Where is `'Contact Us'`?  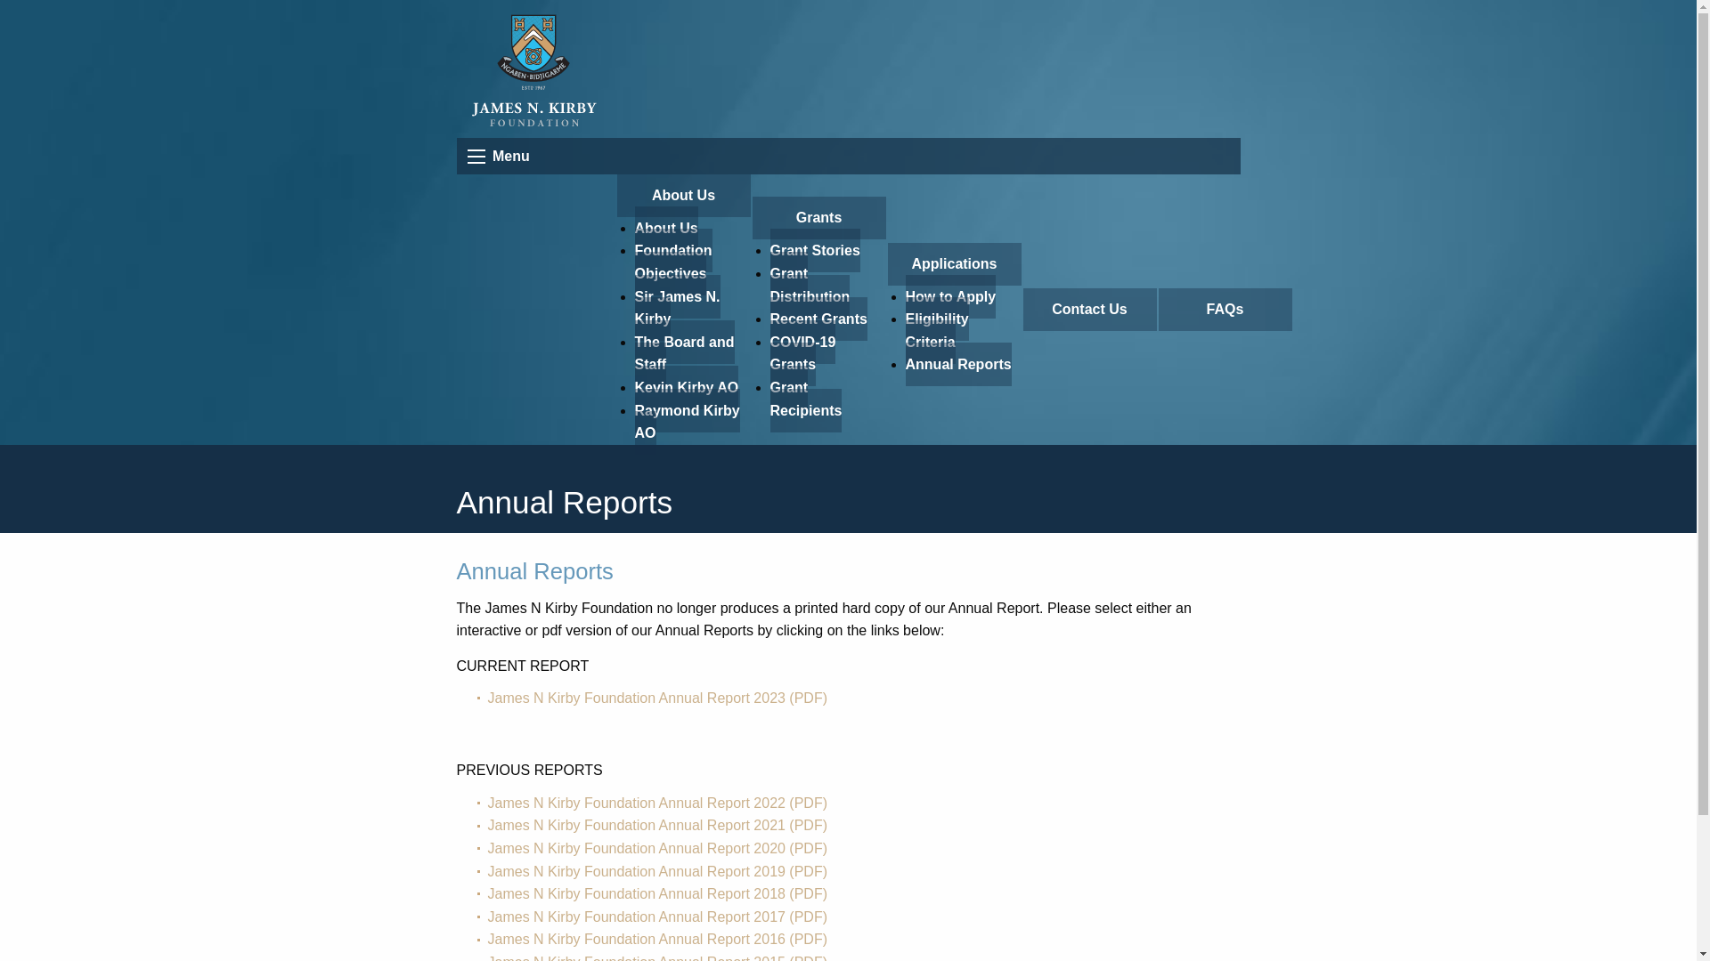 'Contact Us' is located at coordinates (1088, 308).